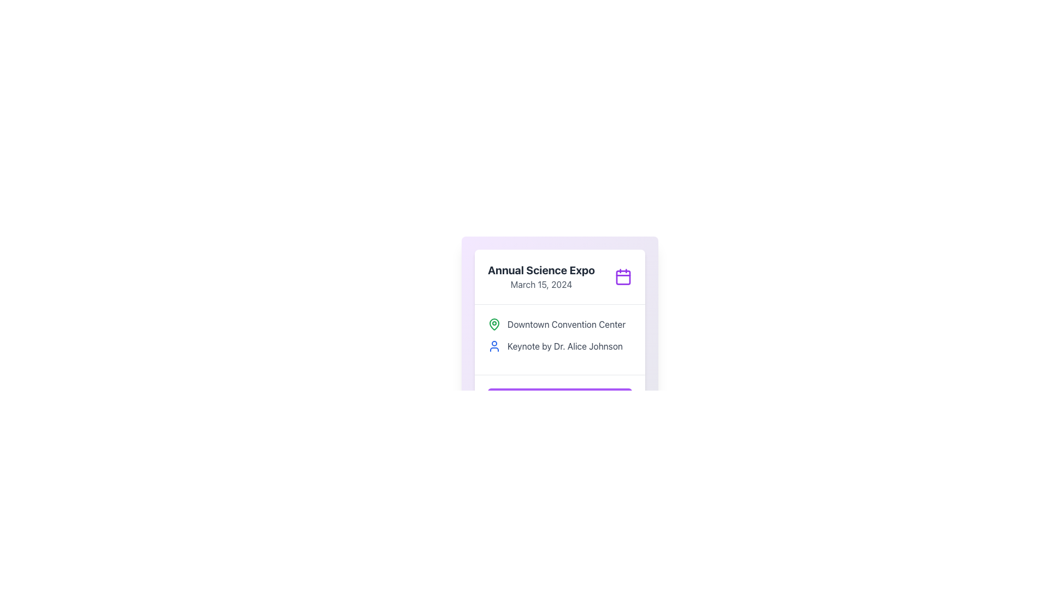 This screenshot has width=1049, height=590. I want to click on the text label reading 'Downtown Convention Center' styled with a gray font, located next to a green location pin icon, so click(566, 324).